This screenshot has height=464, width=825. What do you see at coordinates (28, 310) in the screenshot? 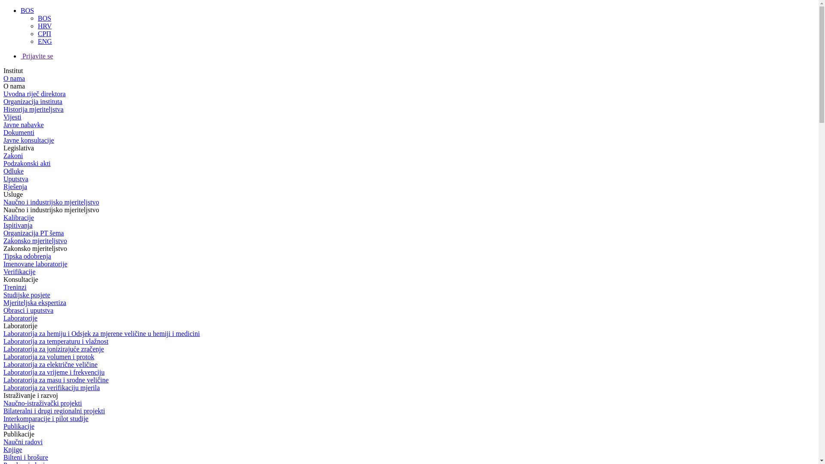
I see `'Obrasci i uputstva'` at bounding box center [28, 310].